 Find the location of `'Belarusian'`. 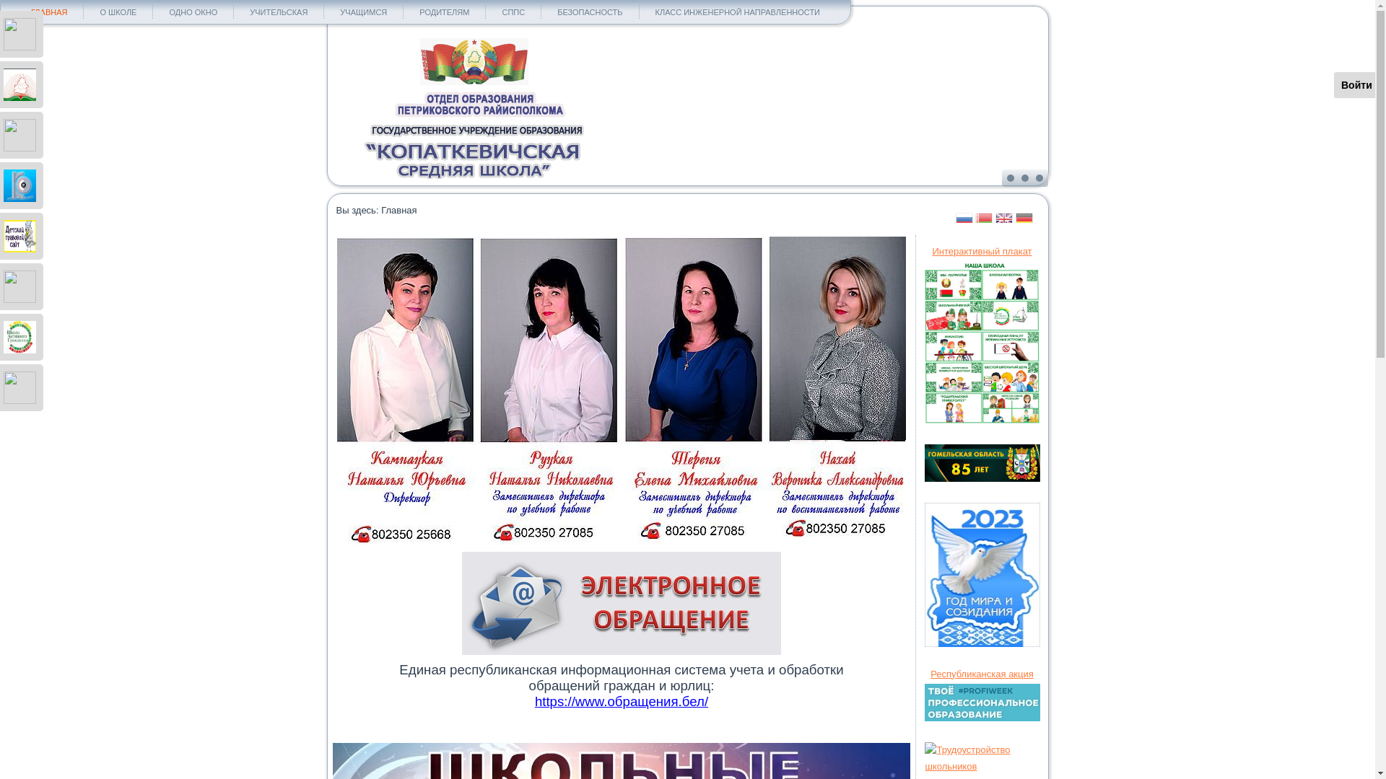

'Belarusian' is located at coordinates (983, 216).